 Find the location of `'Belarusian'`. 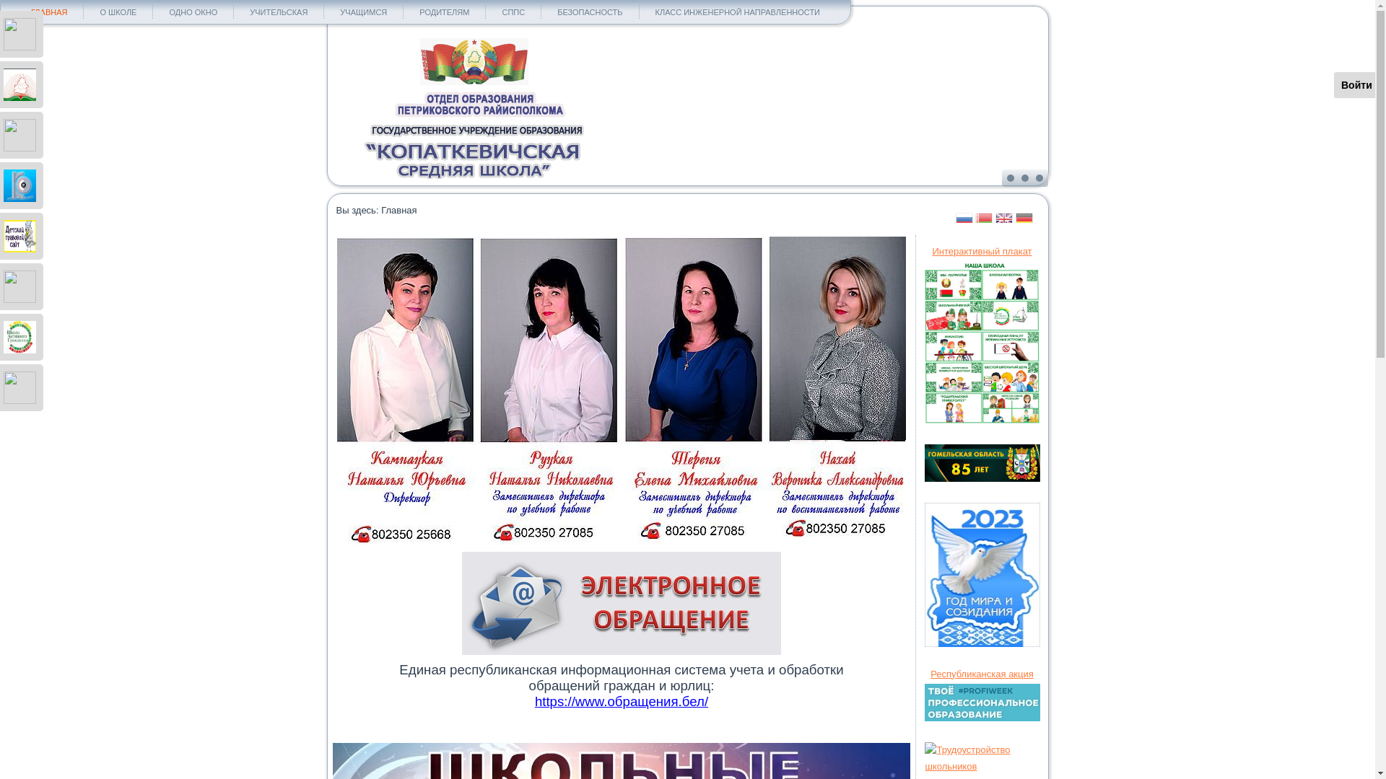

'Belarusian' is located at coordinates (983, 216).